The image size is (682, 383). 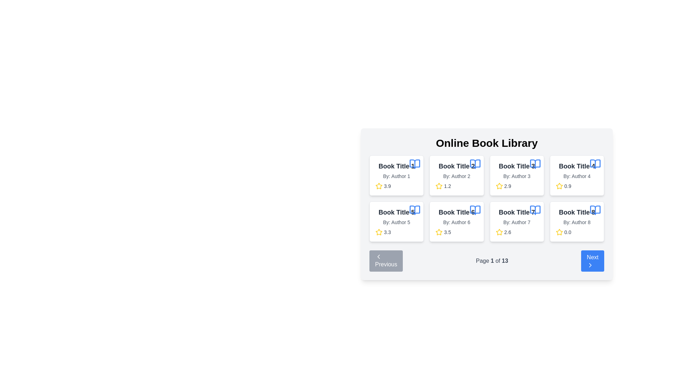 What do you see at coordinates (439, 185) in the screenshot?
I see `middle star icon associated with the second book card in the grid on the interface` at bounding box center [439, 185].